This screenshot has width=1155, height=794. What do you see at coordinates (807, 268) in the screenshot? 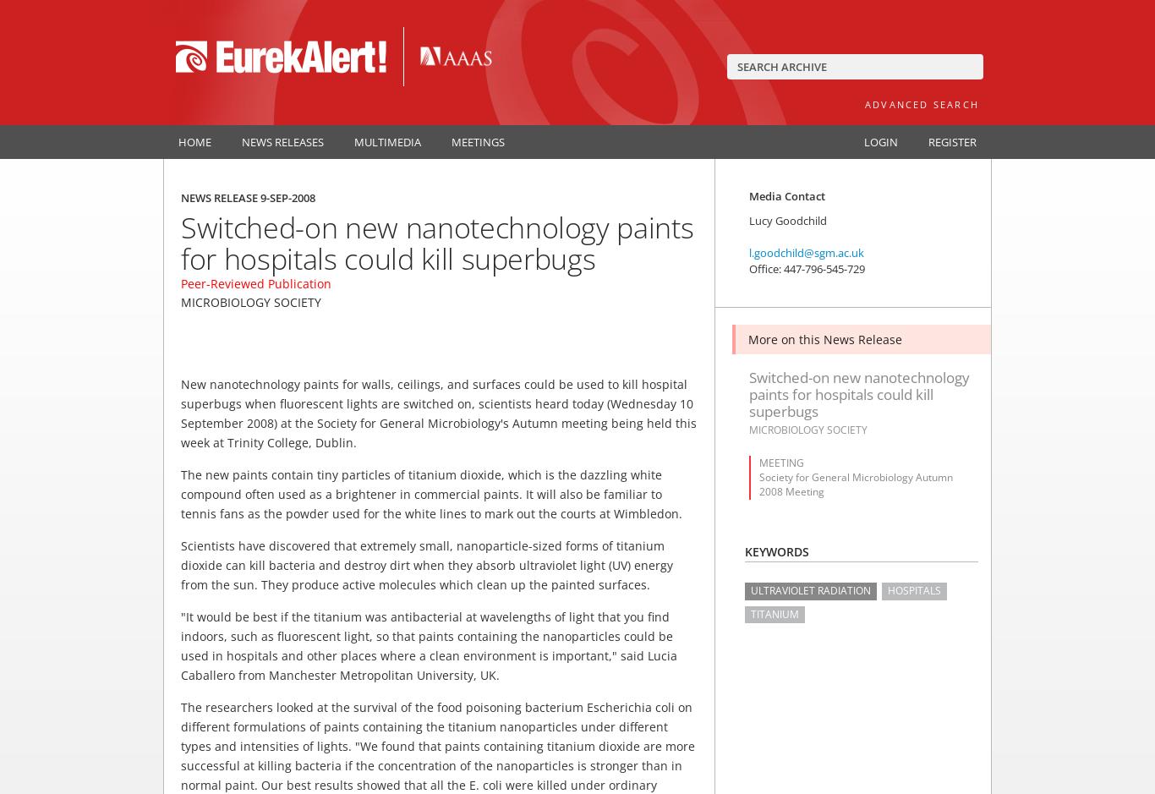
I see `'Office: 447-796-545-729'` at bounding box center [807, 268].